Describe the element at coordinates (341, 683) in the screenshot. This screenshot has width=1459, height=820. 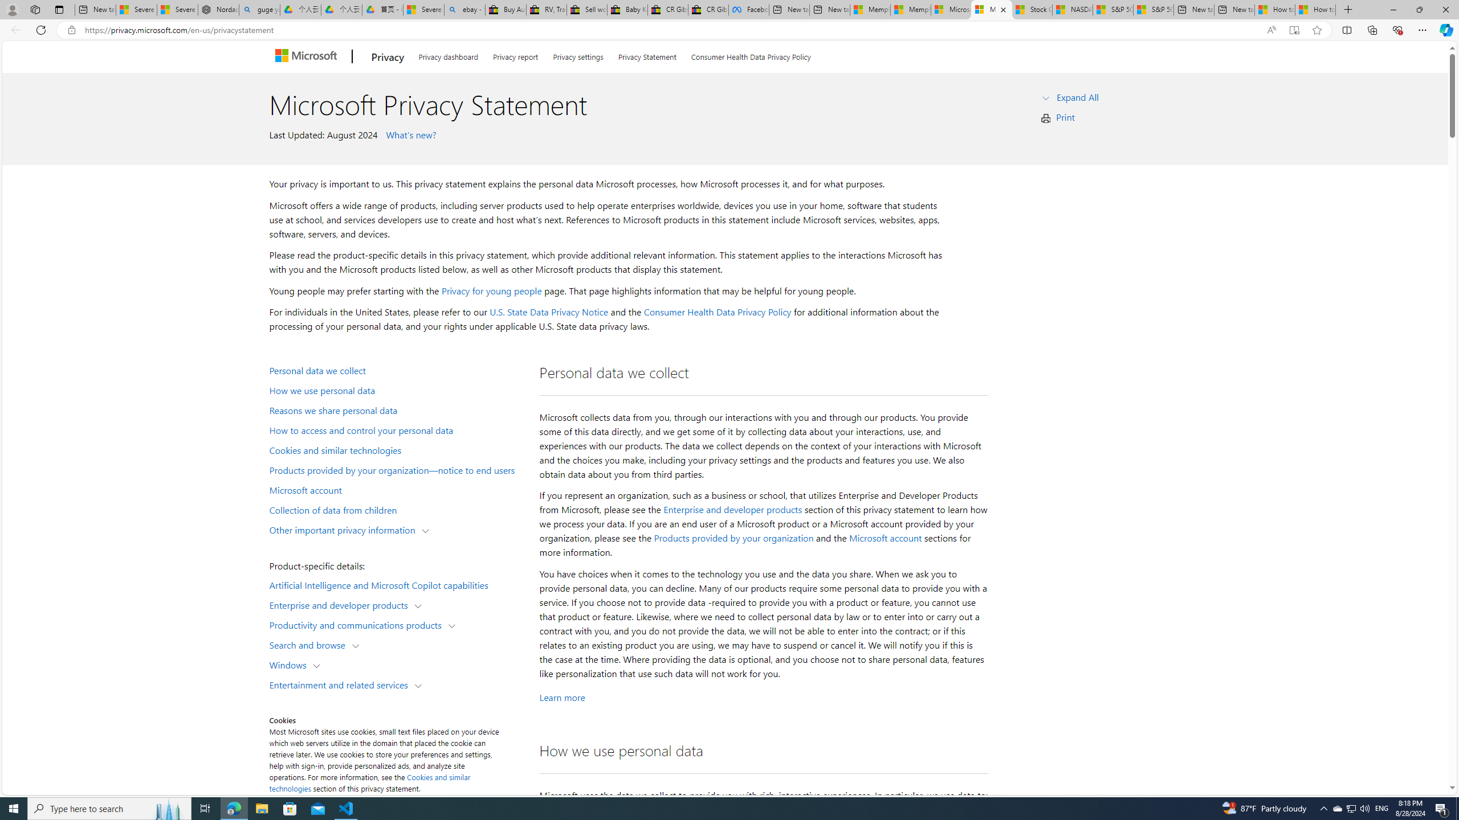
I see `'Entertainment and related services'` at that location.